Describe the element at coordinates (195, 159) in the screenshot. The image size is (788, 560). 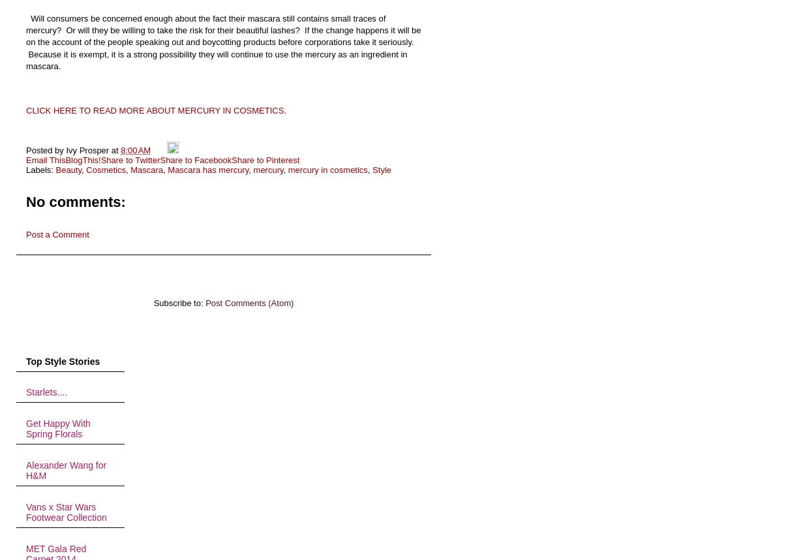
I see `'Share to Facebook'` at that location.